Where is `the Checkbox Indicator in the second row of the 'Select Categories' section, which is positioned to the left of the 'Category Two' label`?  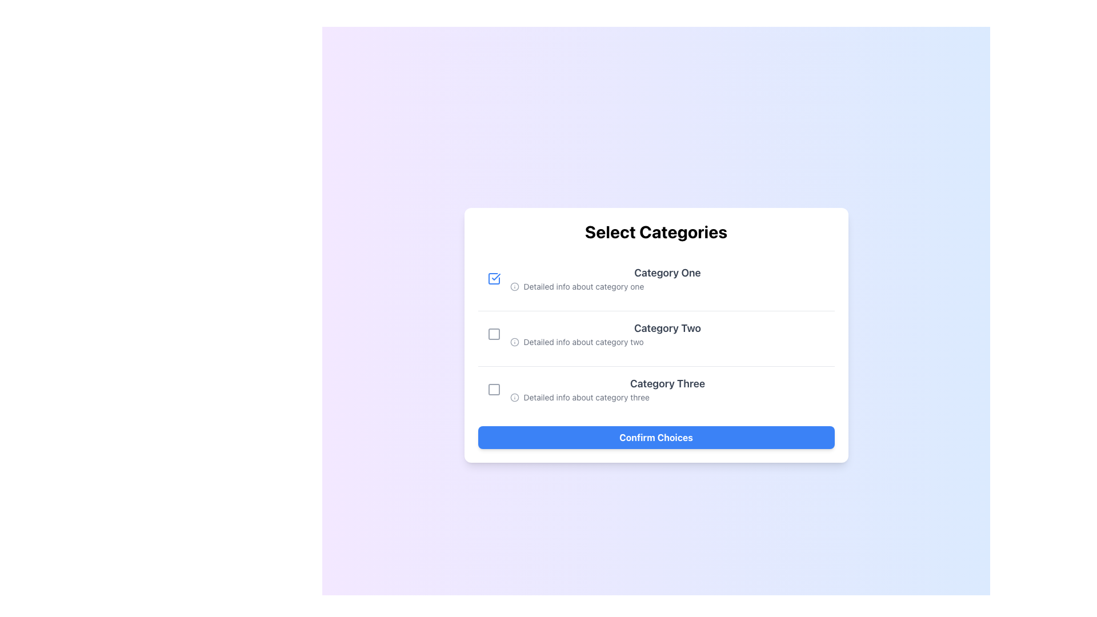 the Checkbox Indicator in the second row of the 'Select Categories' section, which is positioned to the left of the 'Category Two' label is located at coordinates (494, 334).